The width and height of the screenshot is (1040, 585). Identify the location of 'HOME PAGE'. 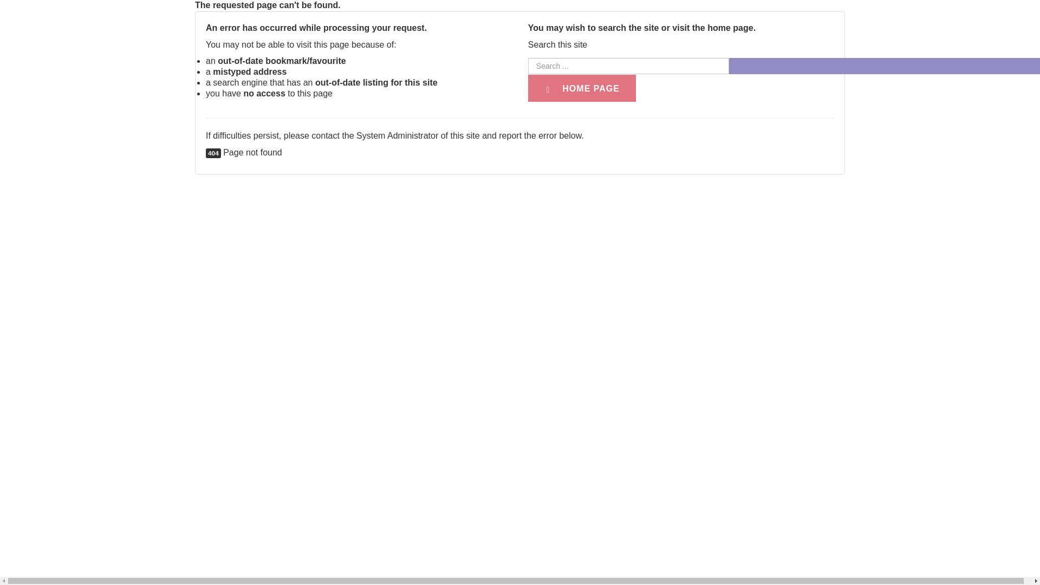
(528, 87).